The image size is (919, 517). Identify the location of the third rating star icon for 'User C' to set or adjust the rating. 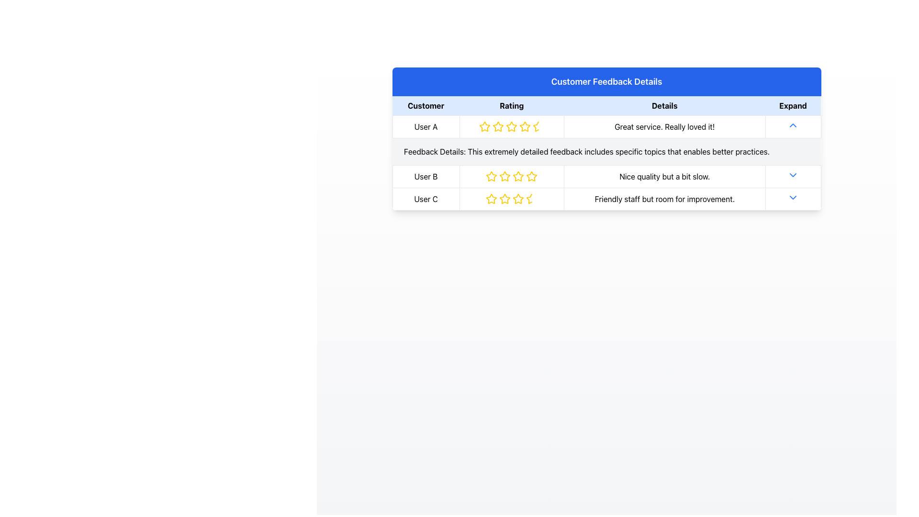
(504, 199).